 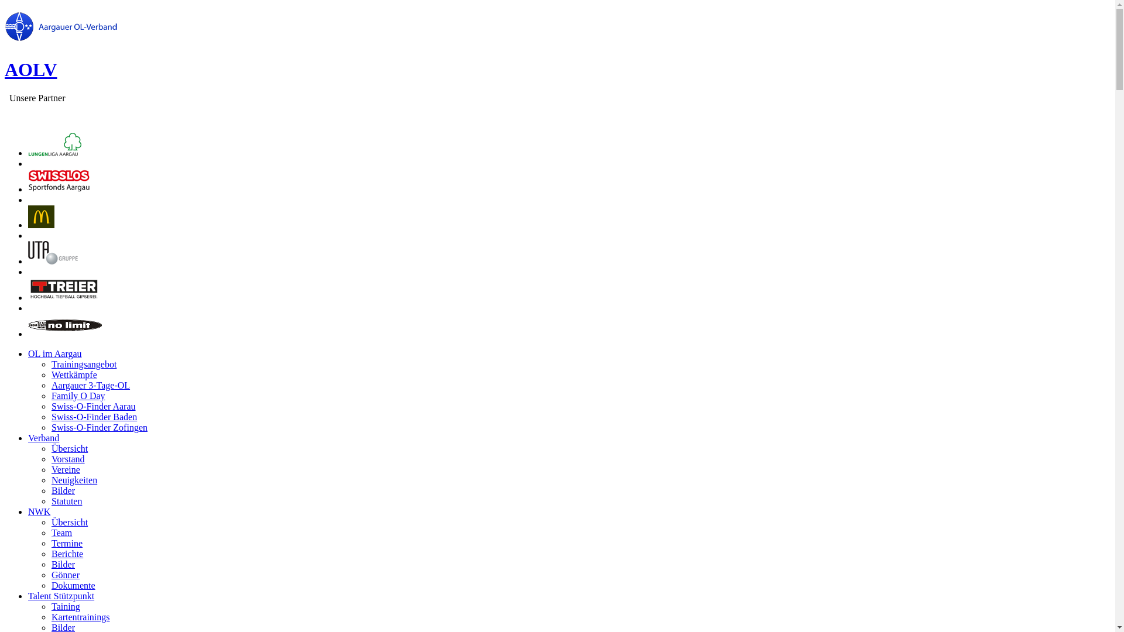 What do you see at coordinates (43, 438) in the screenshot?
I see `'Verband'` at bounding box center [43, 438].